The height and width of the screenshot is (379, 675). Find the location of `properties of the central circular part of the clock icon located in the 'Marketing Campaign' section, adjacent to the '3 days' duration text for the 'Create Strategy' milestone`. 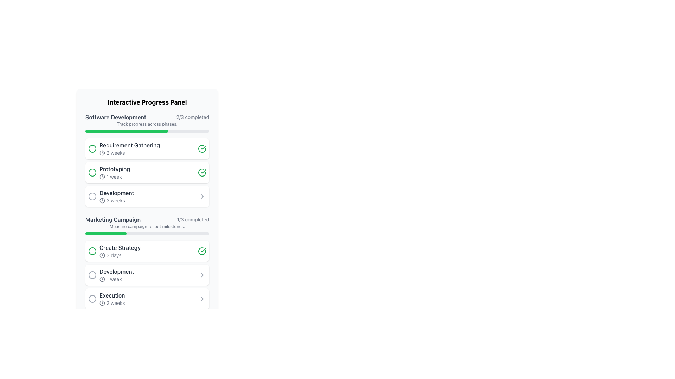

properties of the central circular part of the clock icon located in the 'Marketing Campaign' section, adjacent to the '3 days' duration text for the 'Create Strategy' milestone is located at coordinates (102, 303).